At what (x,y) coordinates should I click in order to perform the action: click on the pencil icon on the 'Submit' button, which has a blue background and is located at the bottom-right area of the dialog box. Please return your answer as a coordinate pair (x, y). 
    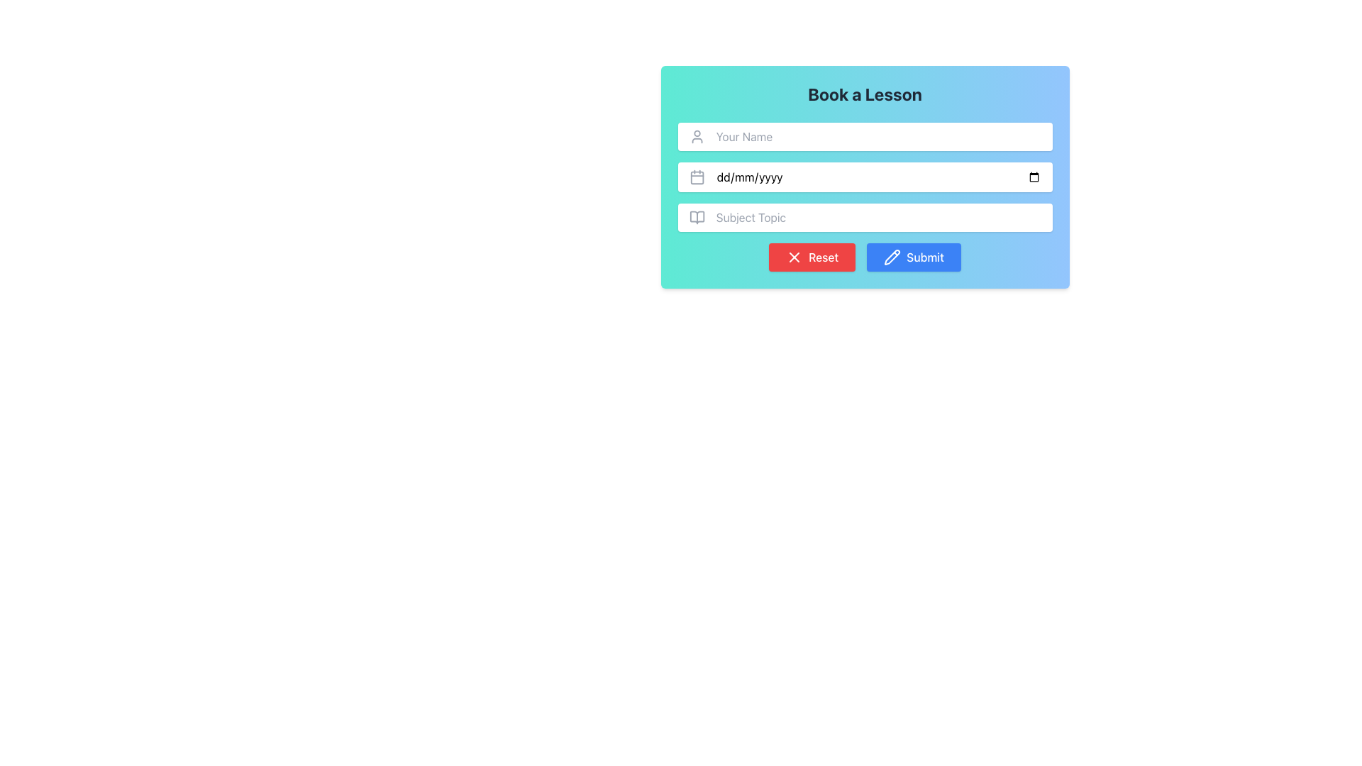
    Looking at the image, I should click on (892, 257).